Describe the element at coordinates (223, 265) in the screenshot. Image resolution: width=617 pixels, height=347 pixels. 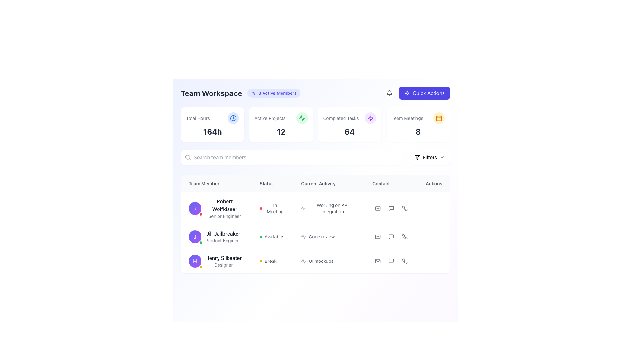
I see `text label indicating the role of 'Henry Silkeater' in the team, which is positioned beneath his name in a table layout` at that location.